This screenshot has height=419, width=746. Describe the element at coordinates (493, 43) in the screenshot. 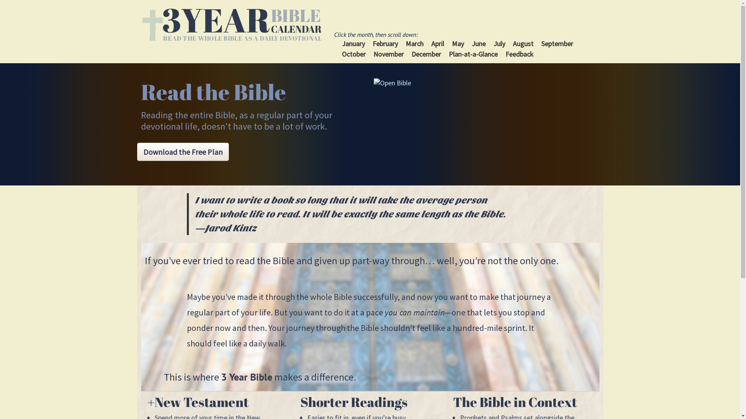

I see `'July'` at that location.